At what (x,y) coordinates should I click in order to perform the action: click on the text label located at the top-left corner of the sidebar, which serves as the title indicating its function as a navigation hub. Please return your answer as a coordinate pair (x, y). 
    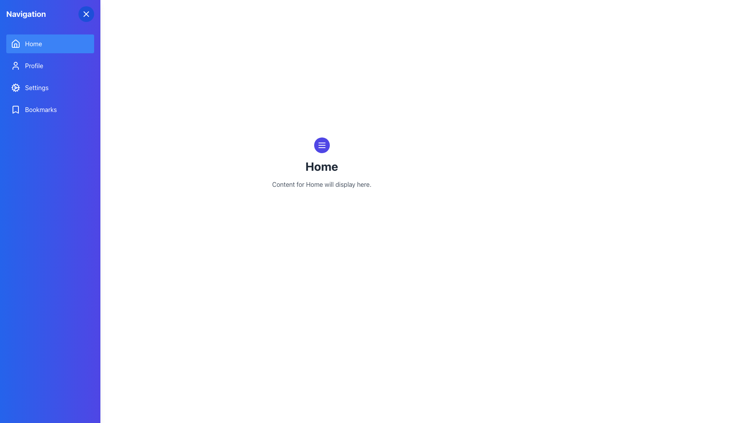
    Looking at the image, I should click on (26, 14).